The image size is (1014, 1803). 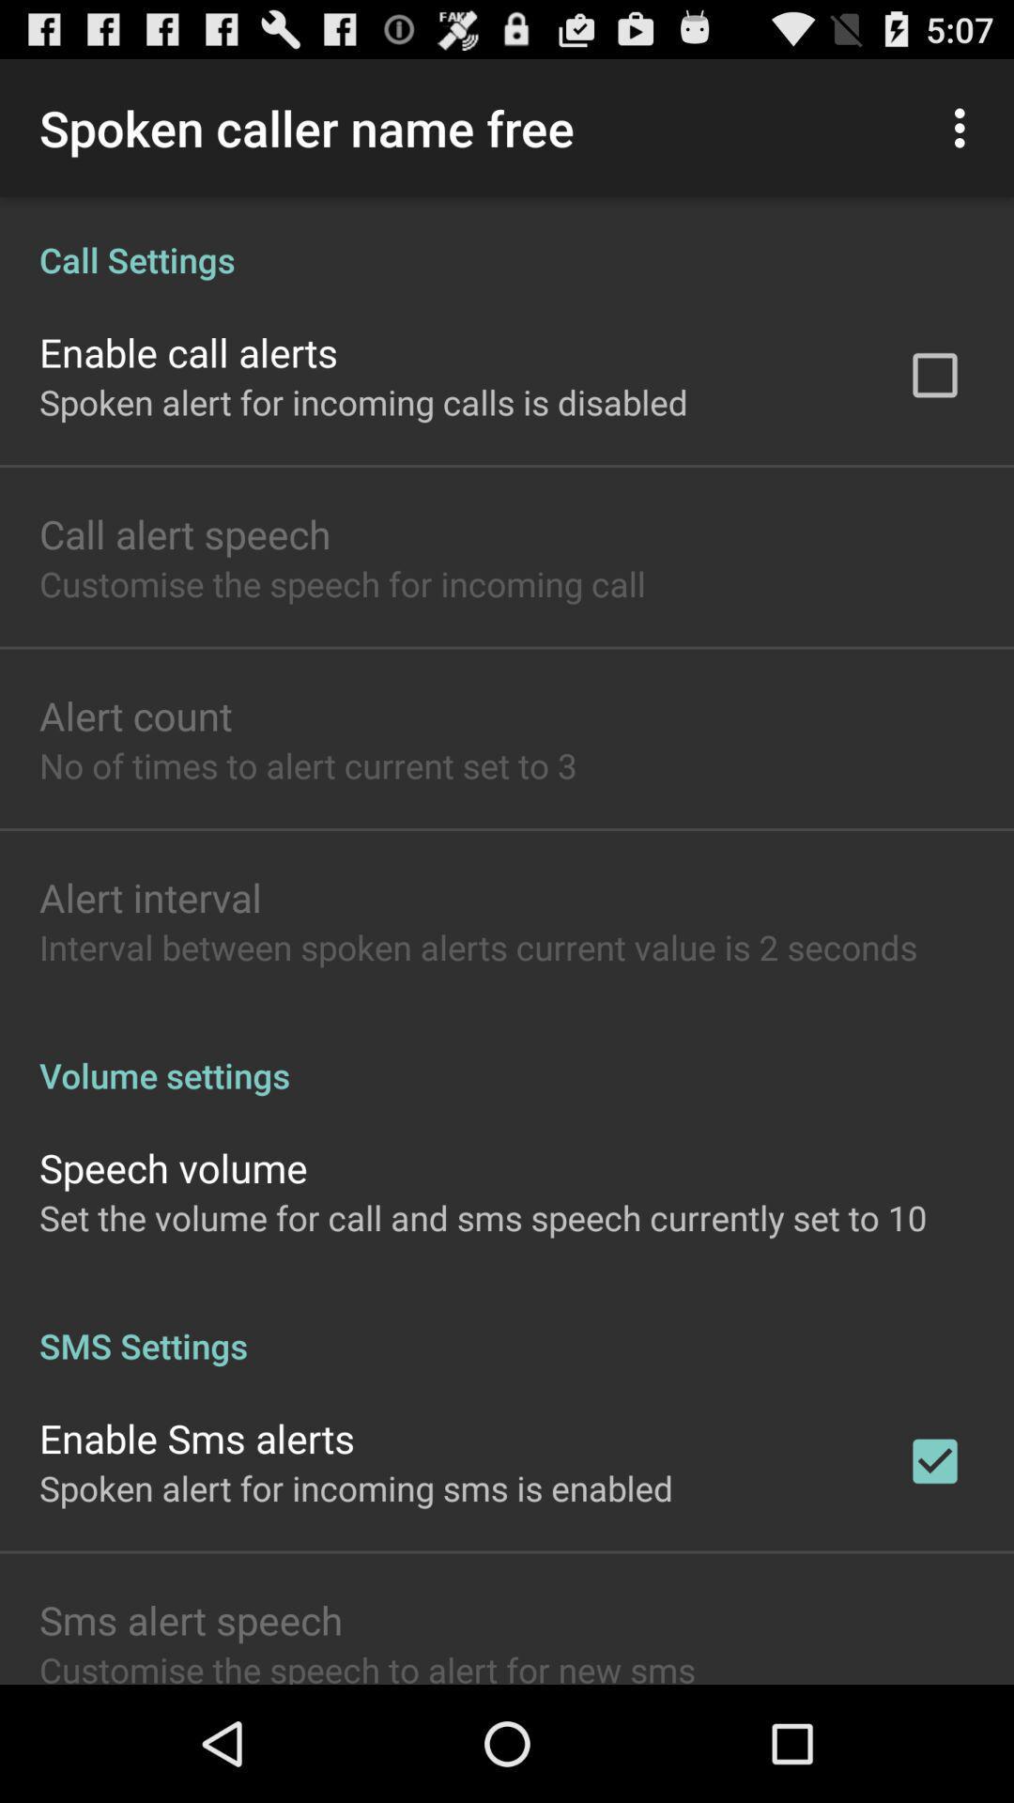 What do you see at coordinates (482, 1217) in the screenshot?
I see `set the volume app` at bounding box center [482, 1217].